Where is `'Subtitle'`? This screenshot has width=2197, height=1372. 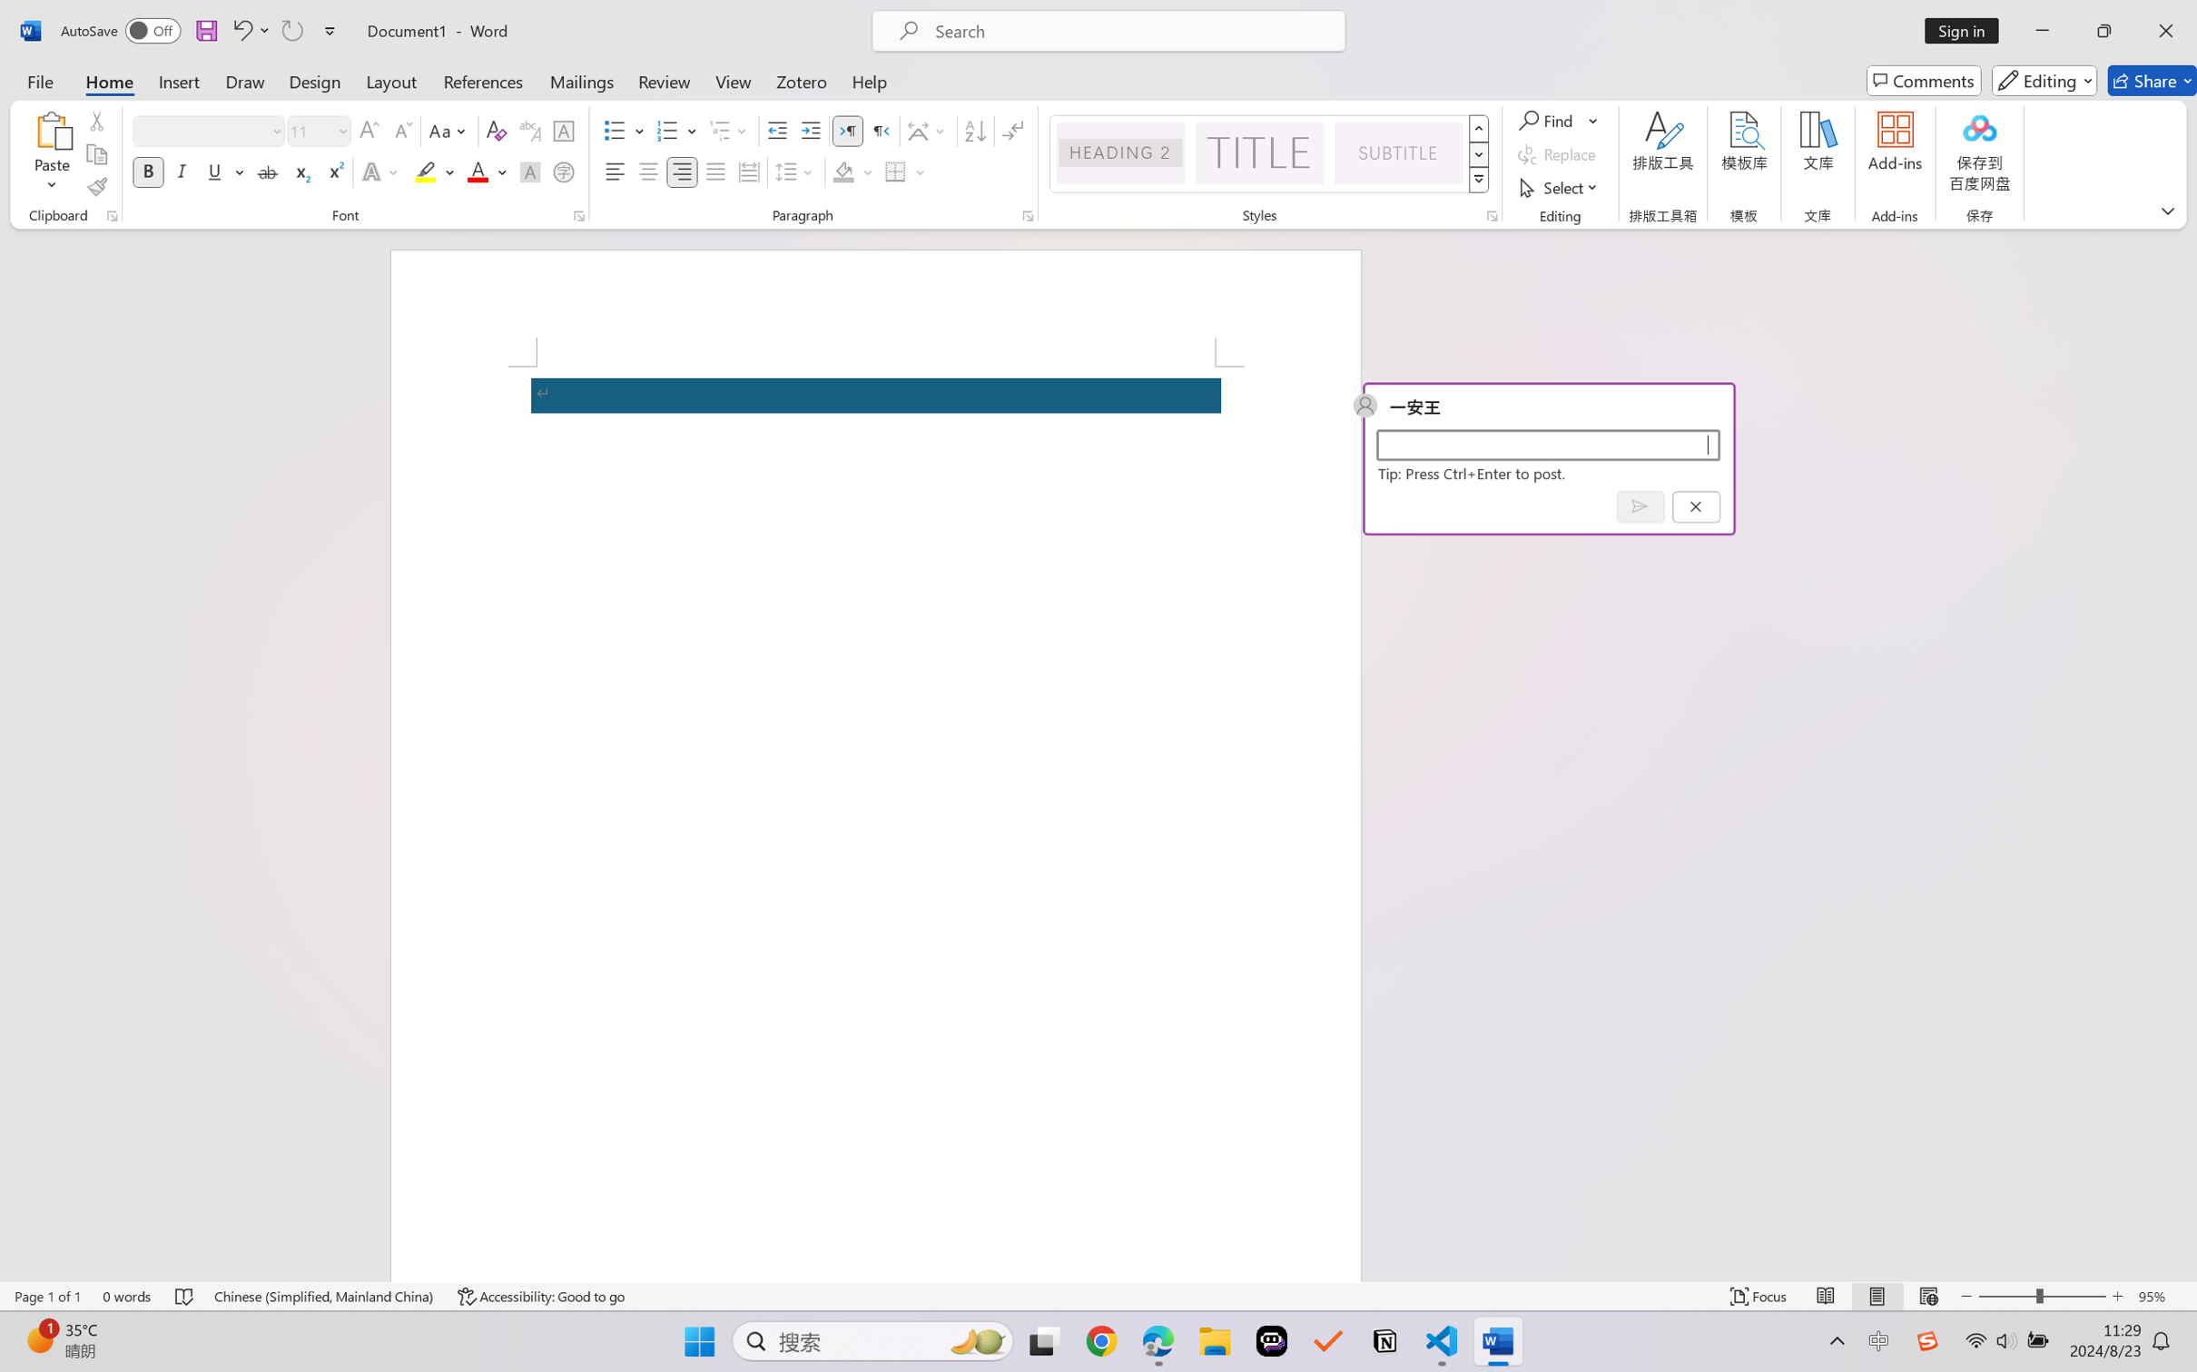 'Subtitle' is located at coordinates (1398, 152).